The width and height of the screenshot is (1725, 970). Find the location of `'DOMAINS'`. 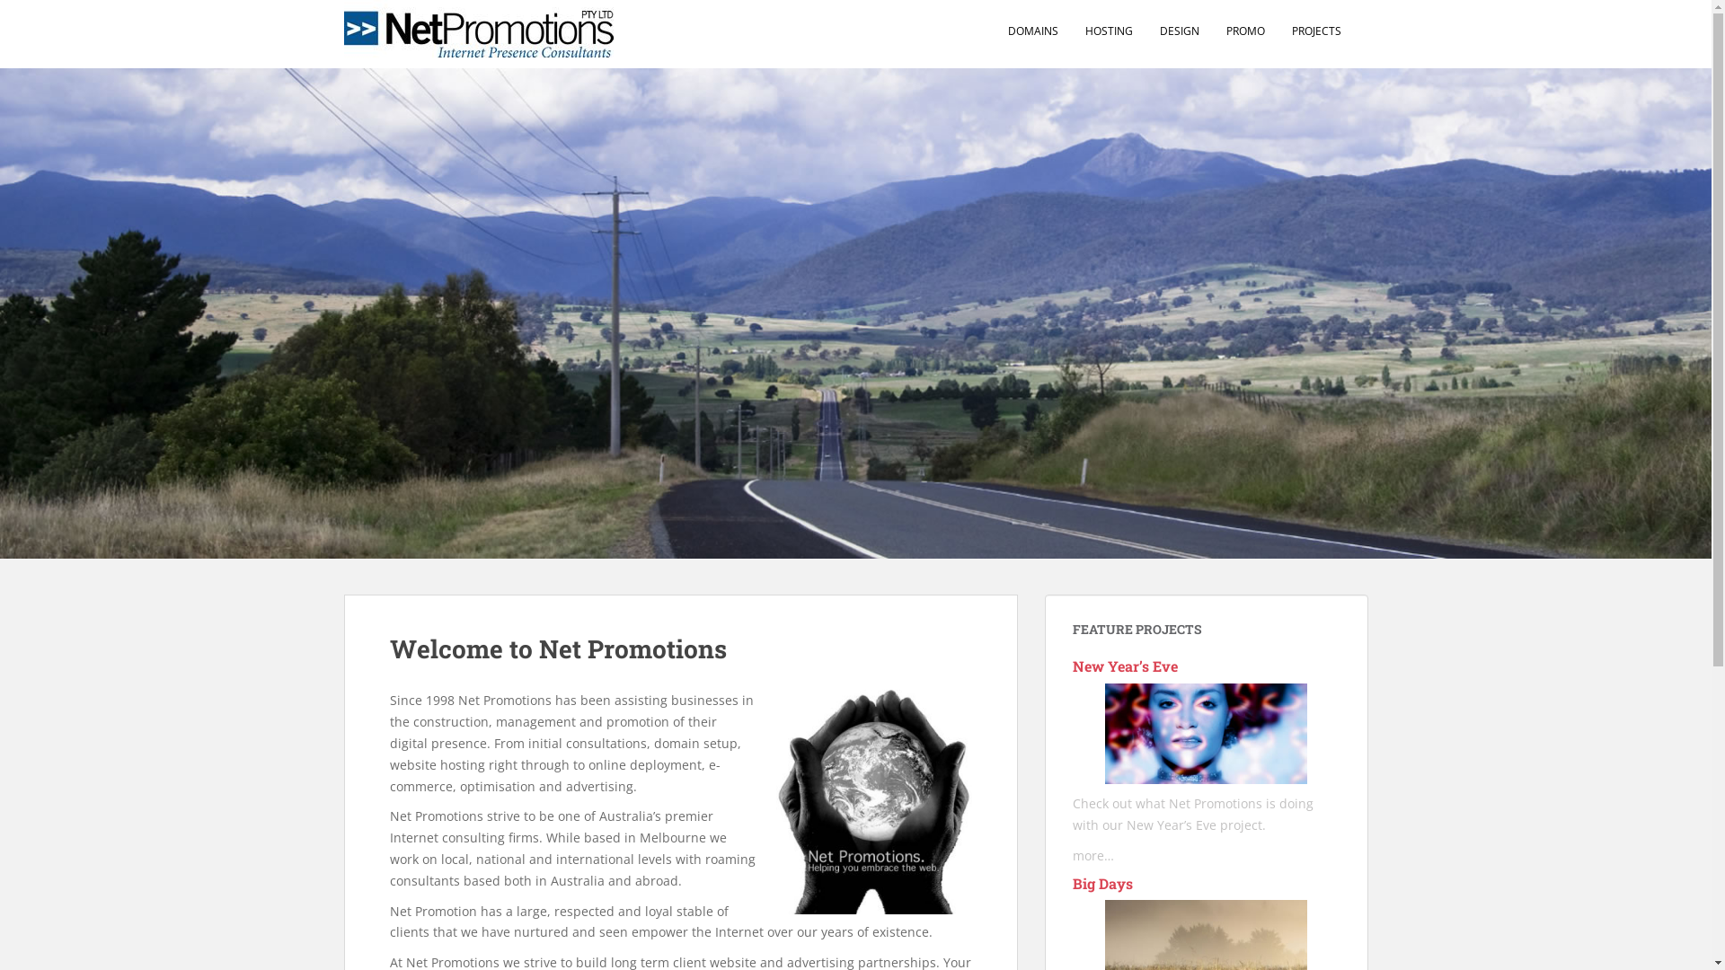

'DOMAINS' is located at coordinates (1033, 31).